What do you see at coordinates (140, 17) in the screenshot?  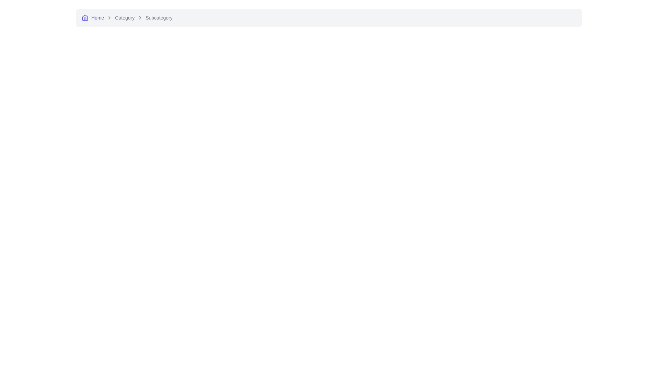 I see `the rightward-facing chevron icon in the breadcrumb navigation bar, located between the 'Category' and 'Subcategory' labels` at bounding box center [140, 17].